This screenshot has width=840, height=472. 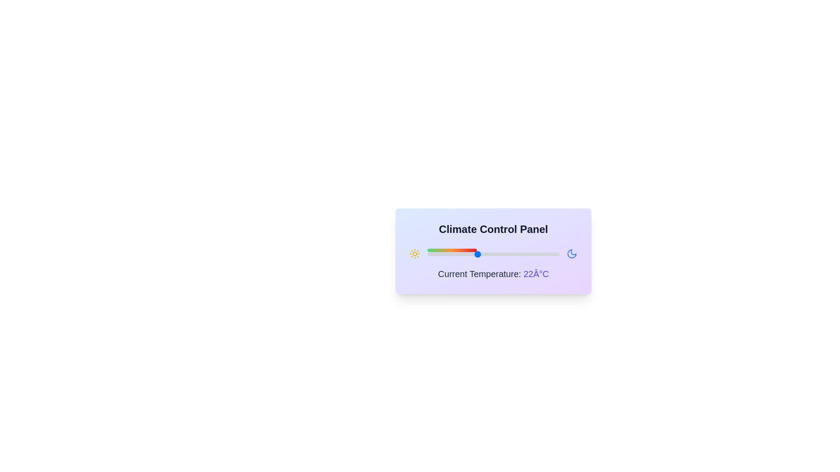 What do you see at coordinates (485, 254) in the screenshot?
I see `the temperature` at bounding box center [485, 254].